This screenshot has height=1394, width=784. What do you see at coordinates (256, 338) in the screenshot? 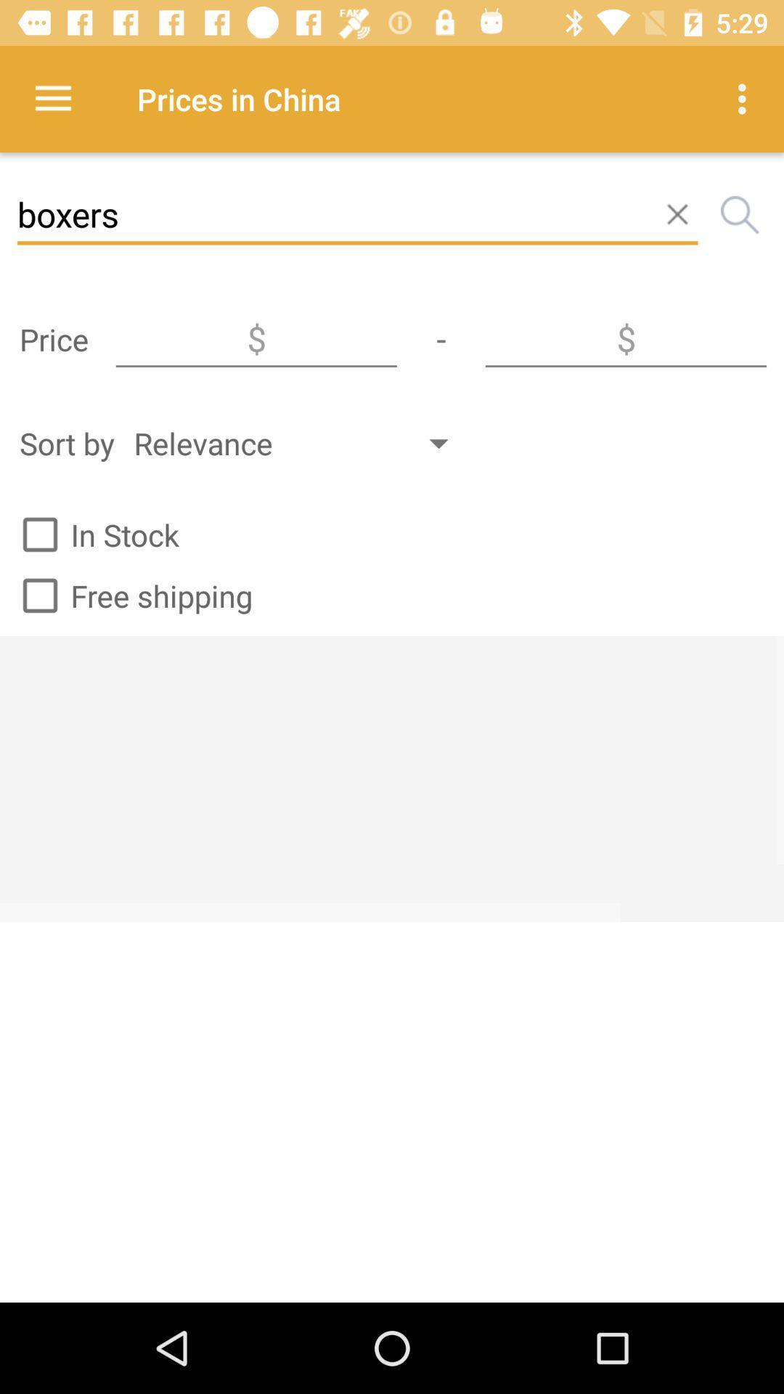
I see `the icon below boxers item` at bounding box center [256, 338].